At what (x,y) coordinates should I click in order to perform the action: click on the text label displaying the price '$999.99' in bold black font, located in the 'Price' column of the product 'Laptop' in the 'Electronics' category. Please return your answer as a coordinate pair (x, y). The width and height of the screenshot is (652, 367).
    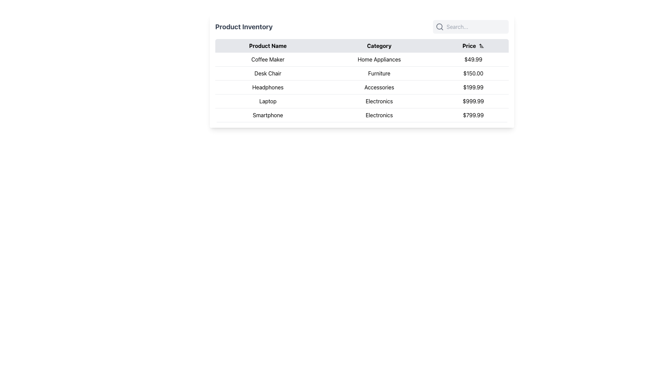
    Looking at the image, I should click on (473, 101).